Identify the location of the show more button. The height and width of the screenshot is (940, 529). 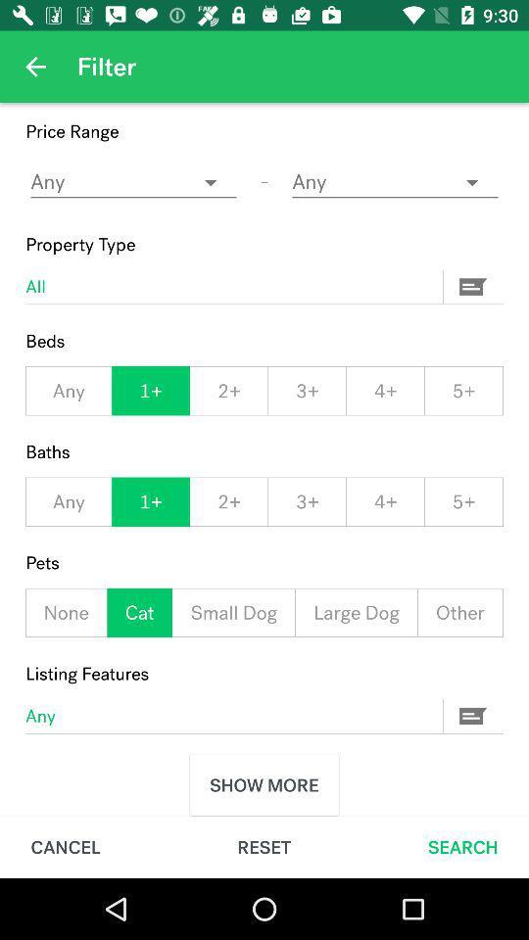
(264, 785).